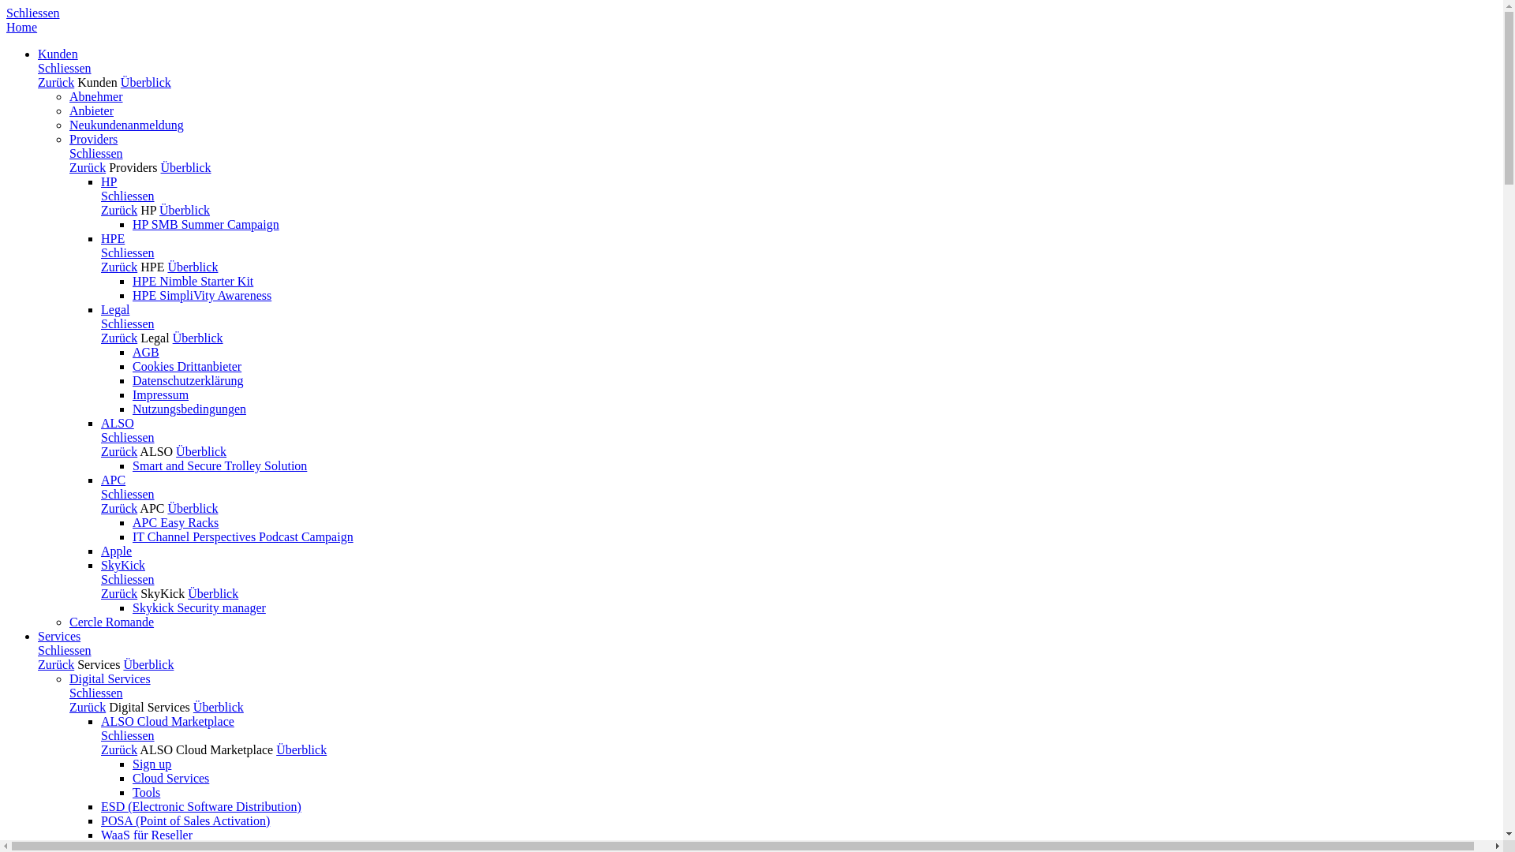 This screenshot has width=1515, height=852. What do you see at coordinates (68, 138) in the screenshot?
I see `'Providers'` at bounding box center [68, 138].